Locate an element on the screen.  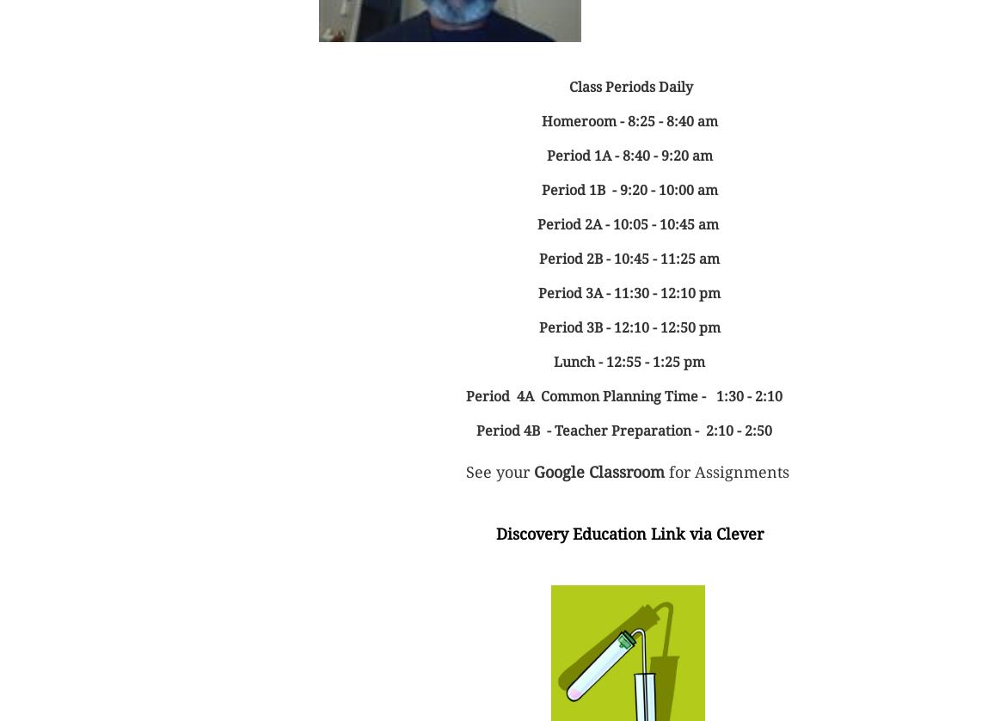
'Lunch - 12:55 - 1:25 pm' is located at coordinates (629, 361).